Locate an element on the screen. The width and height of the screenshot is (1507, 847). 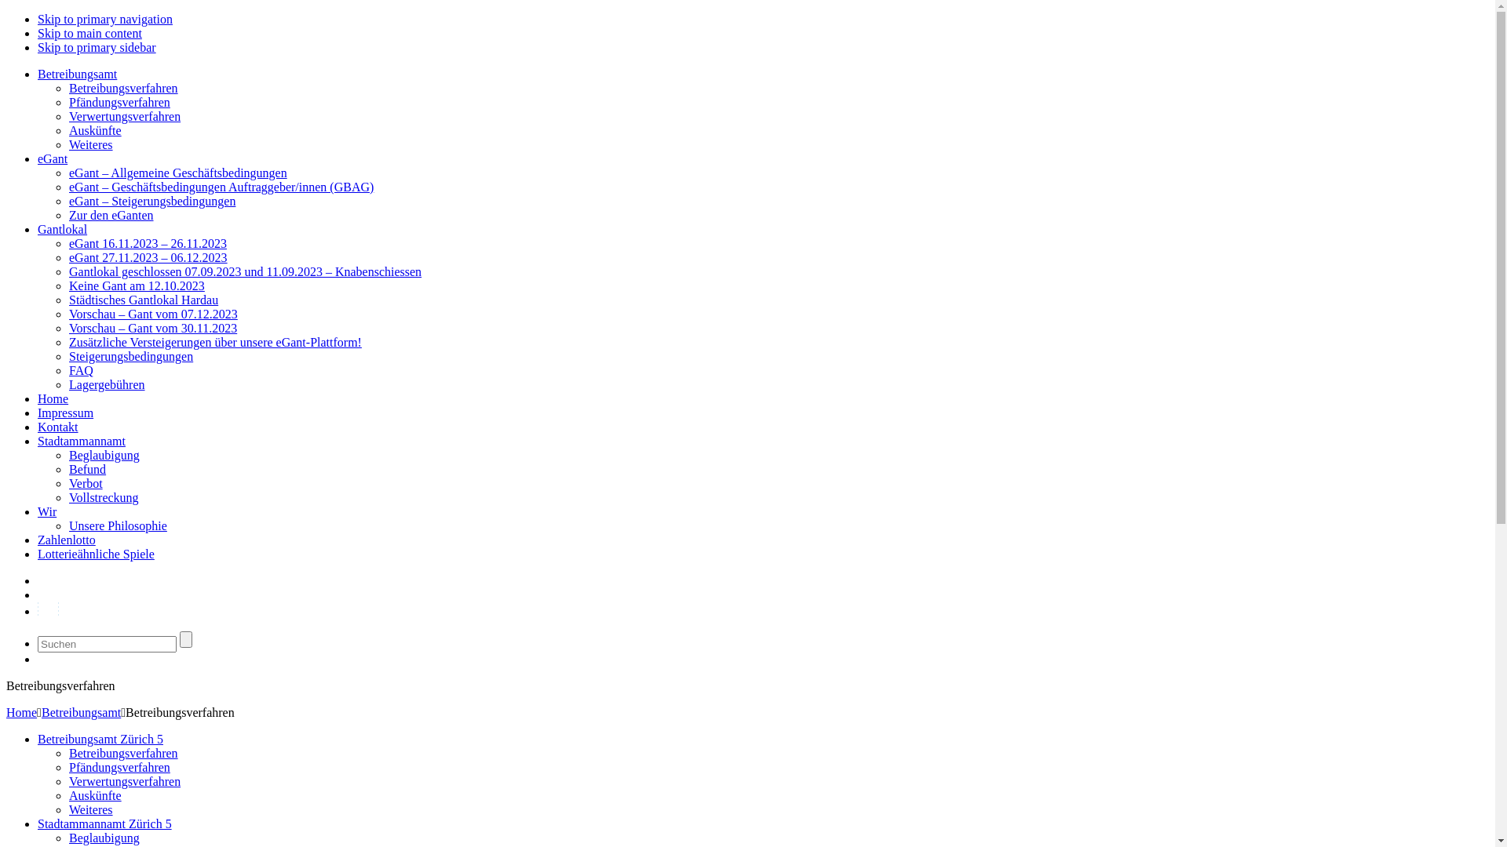
'Stadtammannamt' is located at coordinates (81, 441).